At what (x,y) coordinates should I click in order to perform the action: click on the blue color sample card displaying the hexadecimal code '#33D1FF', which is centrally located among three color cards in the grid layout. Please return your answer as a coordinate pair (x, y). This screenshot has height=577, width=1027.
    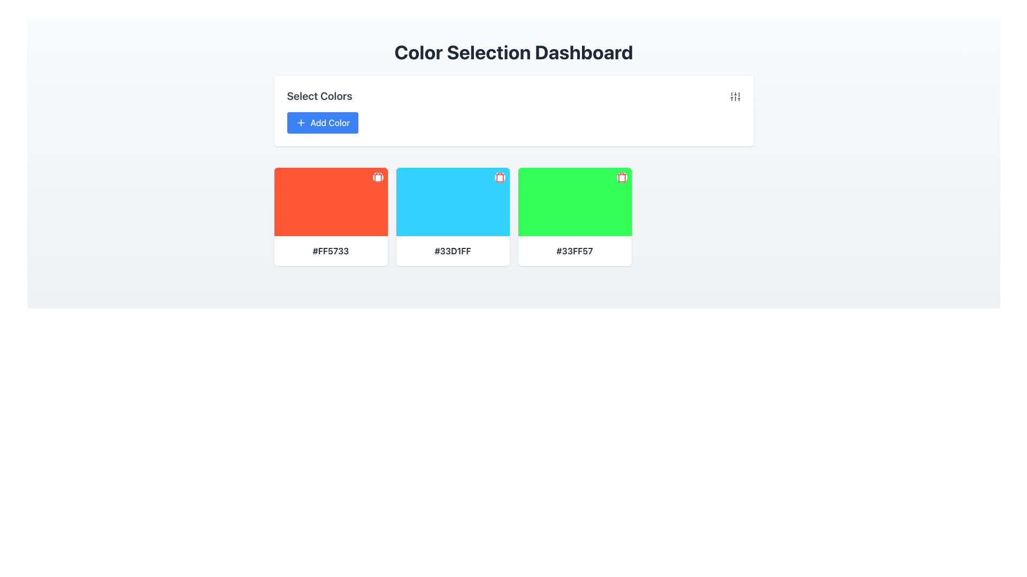
    Looking at the image, I should click on (453, 216).